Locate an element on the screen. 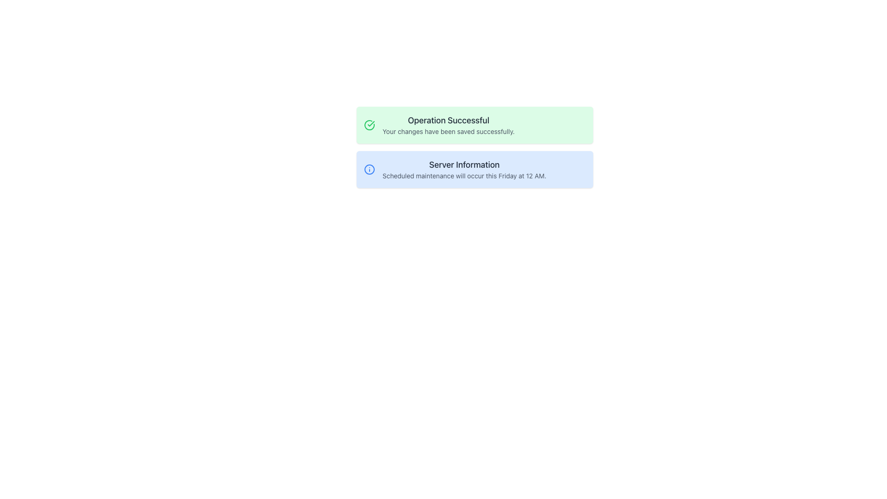 The image size is (887, 499). the second informational notification card with a light blue background containing the title 'Server Information' and the message 'Scheduled maintenance will occur this Friday at 12 AM.' is located at coordinates (474, 169).